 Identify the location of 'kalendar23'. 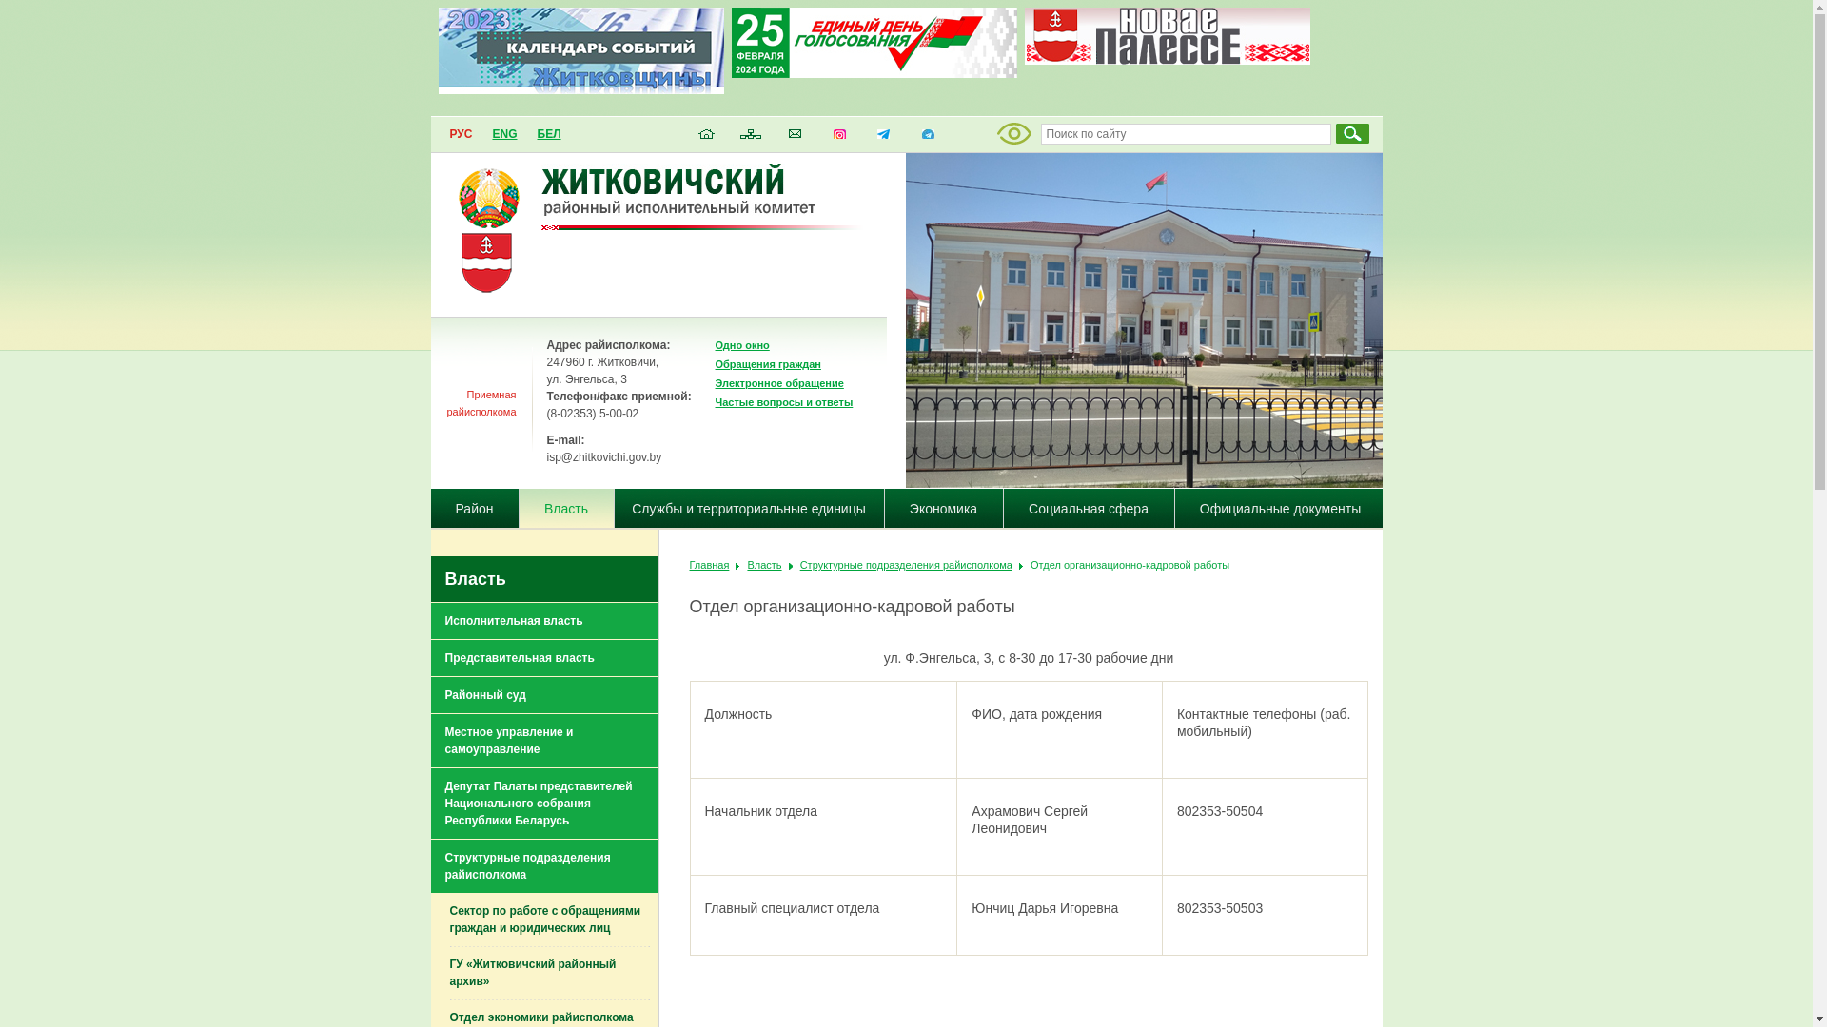
(579, 49).